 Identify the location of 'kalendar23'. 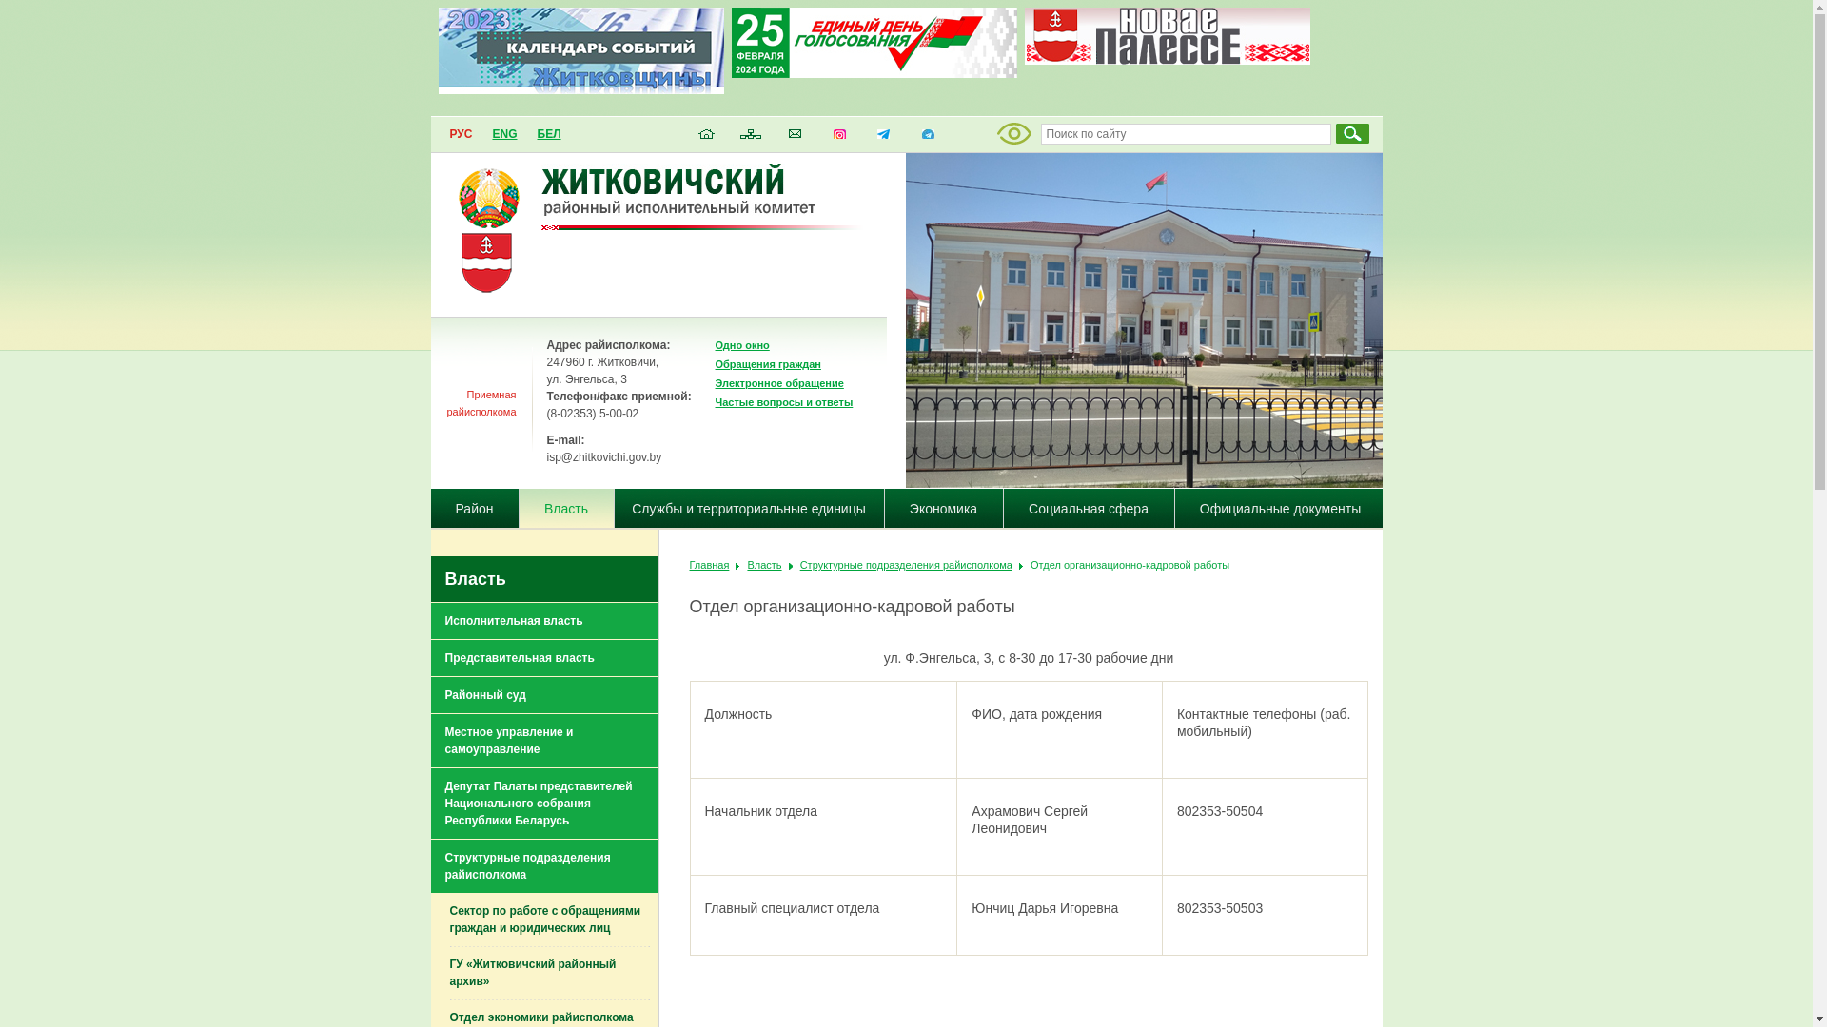
(579, 49).